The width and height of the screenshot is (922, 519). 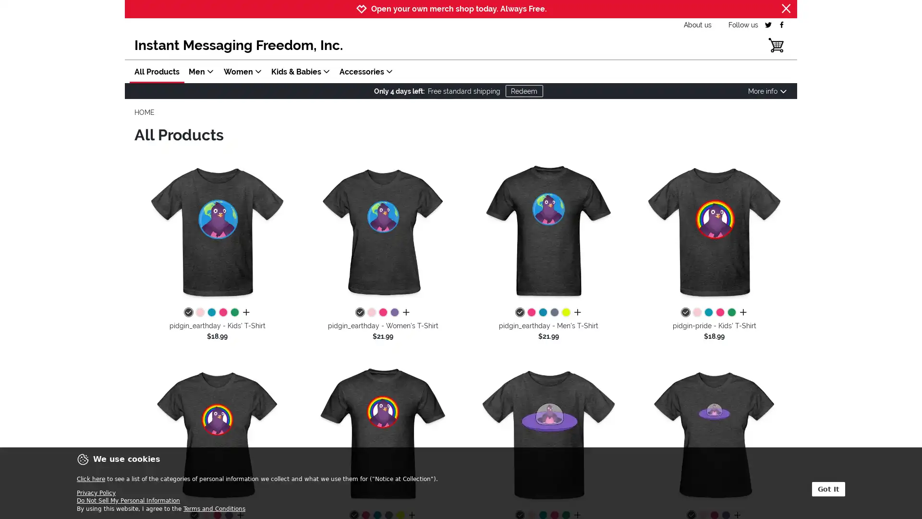 What do you see at coordinates (714, 232) in the screenshot?
I see `pidgin-pride - Kids' T-Shirt` at bounding box center [714, 232].